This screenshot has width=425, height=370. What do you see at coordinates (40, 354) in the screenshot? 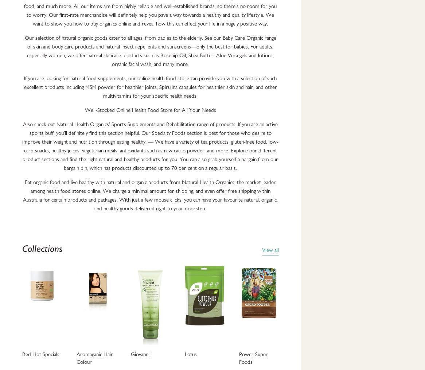
I see `'Red Hot Specials'` at bounding box center [40, 354].